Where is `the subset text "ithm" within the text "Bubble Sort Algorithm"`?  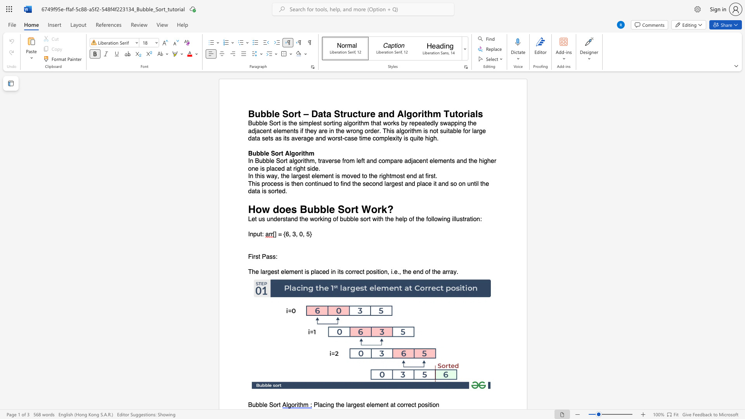
the subset text "ithm" within the text "Bubble Sort Algorithm" is located at coordinates (301, 153).